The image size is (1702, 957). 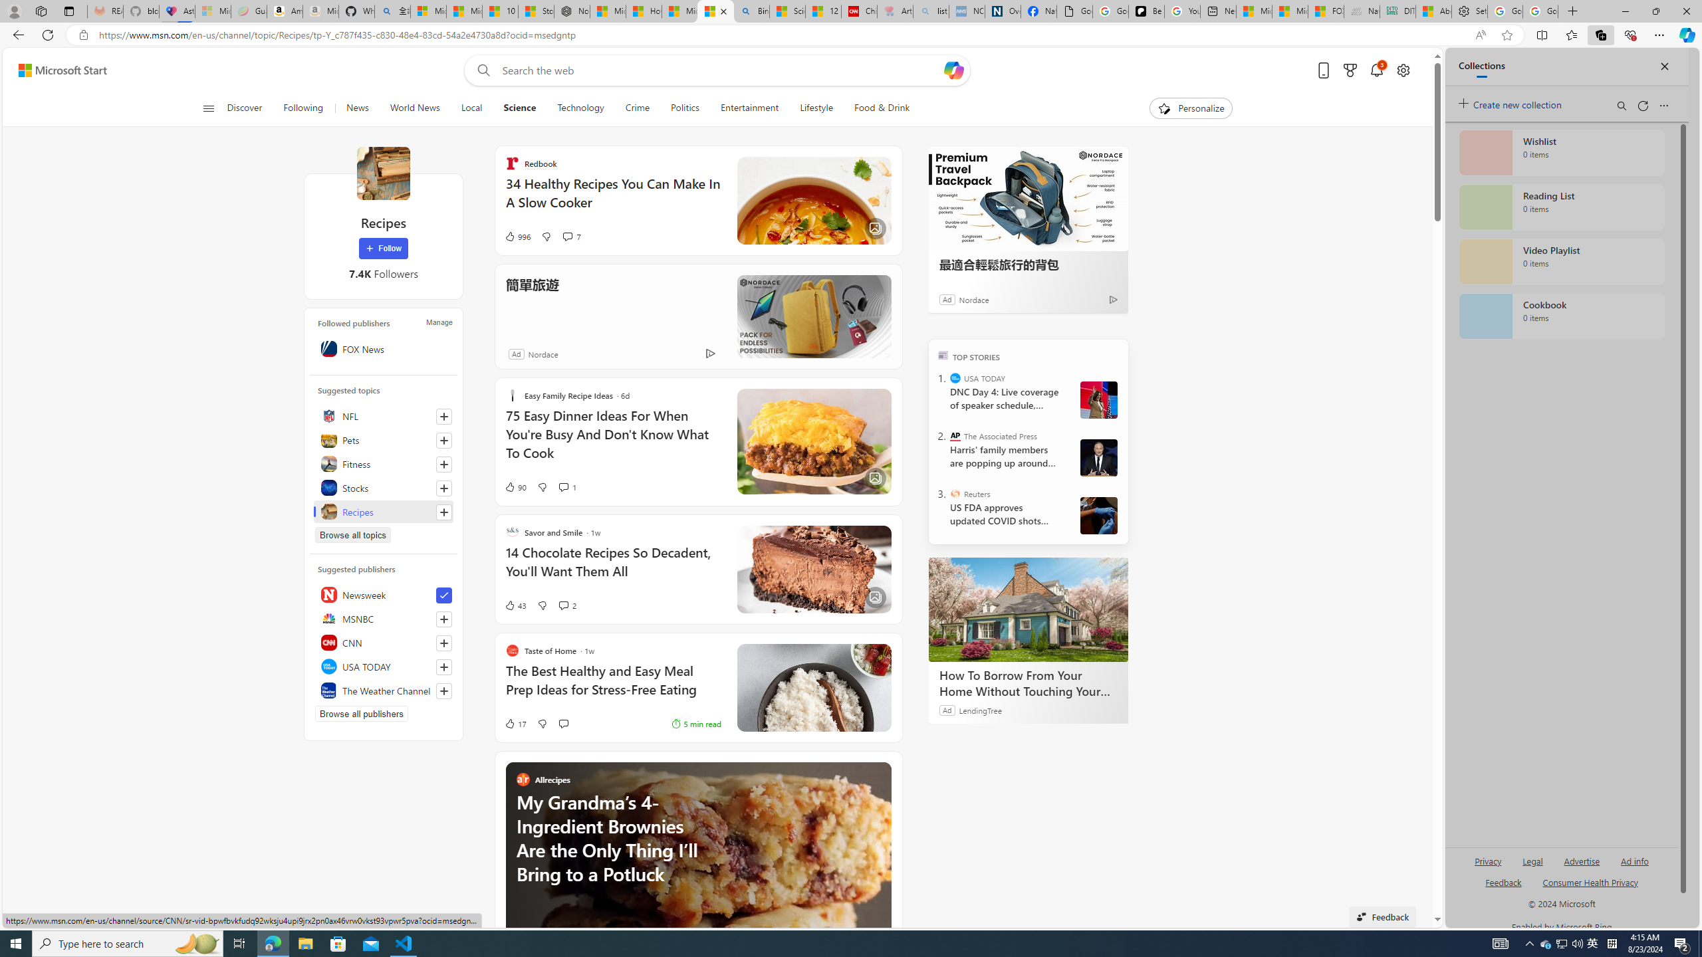 What do you see at coordinates (444, 595) in the screenshot?
I see `'Unfollow this source'` at bounding box center [444, 595].